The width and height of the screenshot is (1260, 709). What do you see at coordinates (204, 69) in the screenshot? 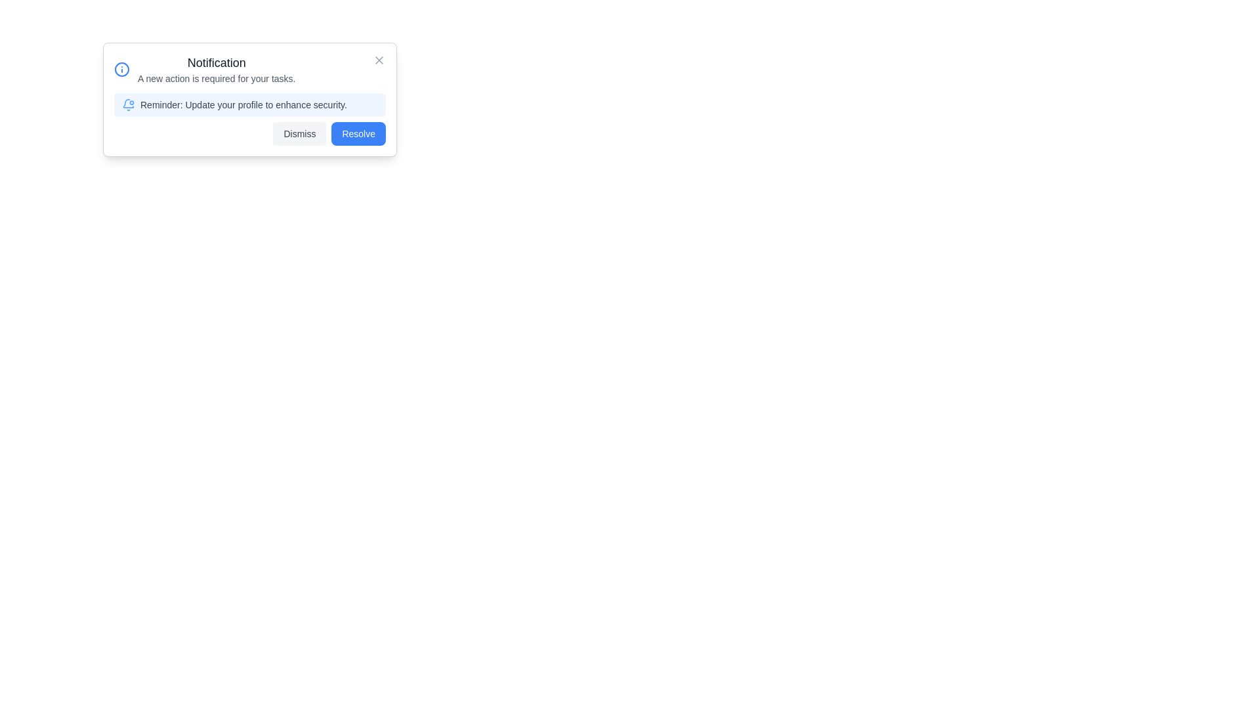
I see `notification content from the Informational card header located in the top-left section of the notification card` at bounding box center [204, 69].